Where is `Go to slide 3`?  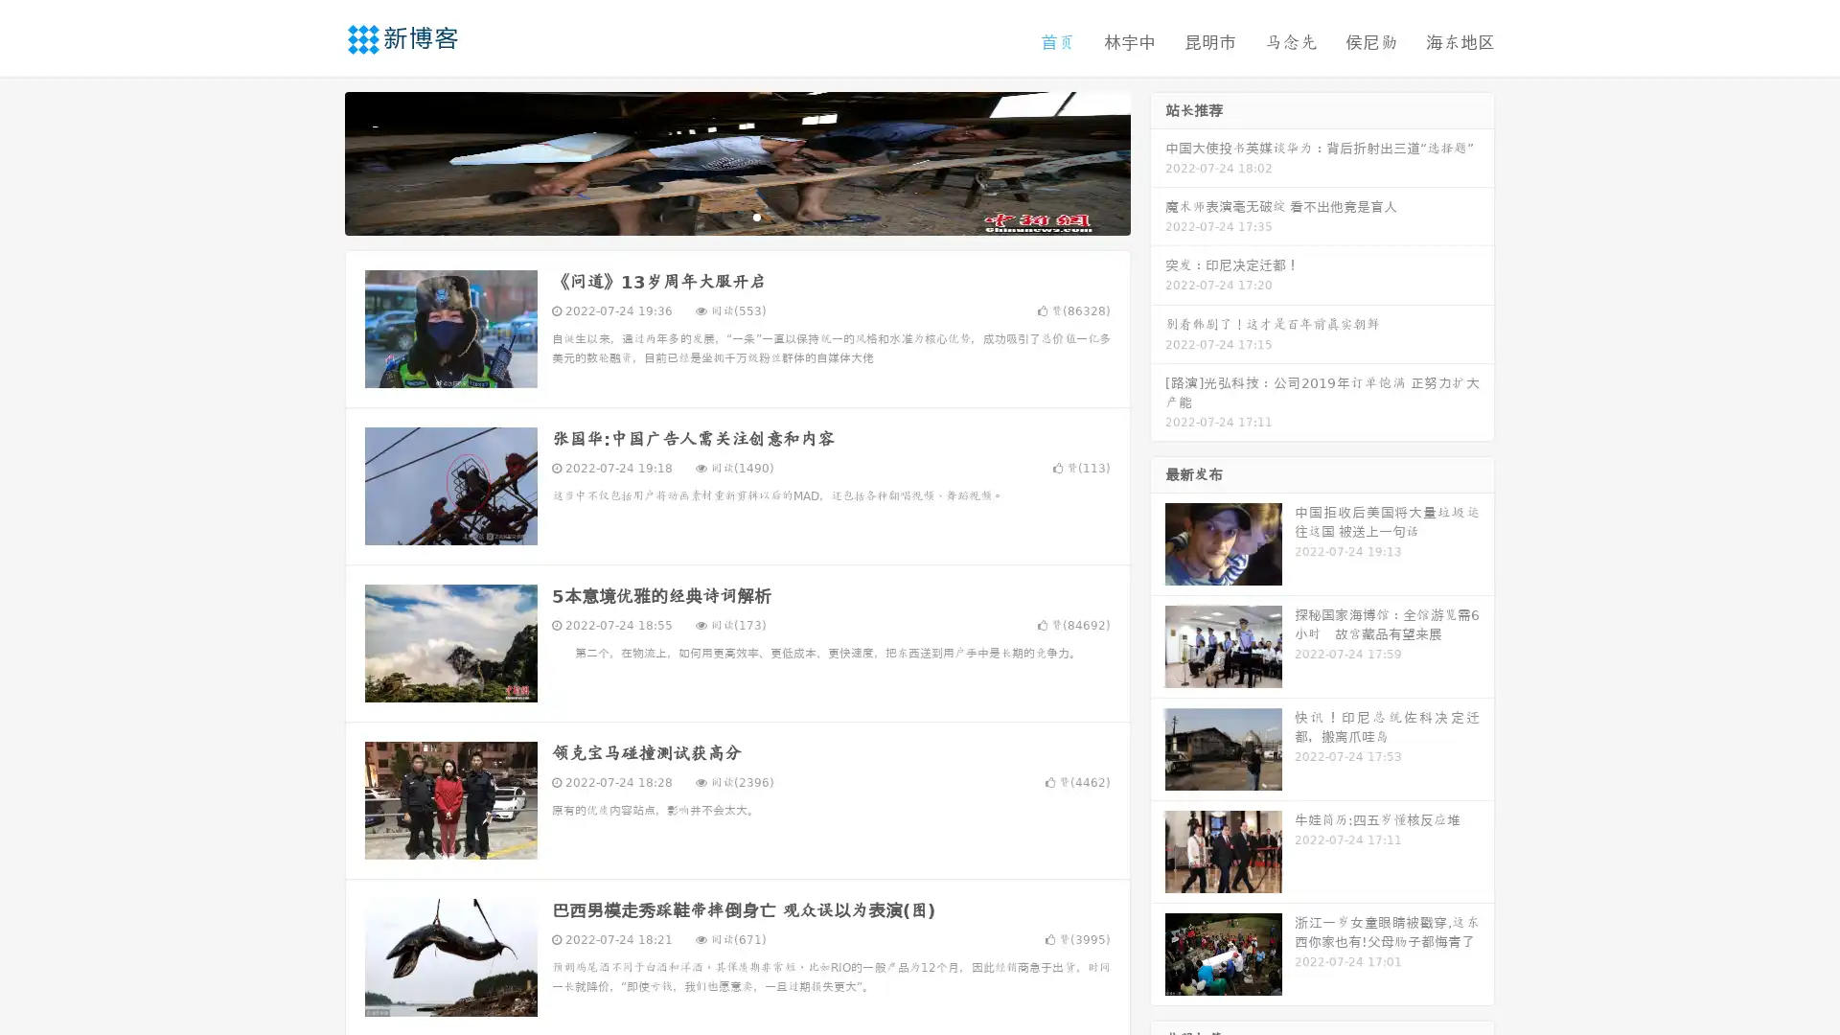 Go to slide 3 is located at coordinates (756, 216).